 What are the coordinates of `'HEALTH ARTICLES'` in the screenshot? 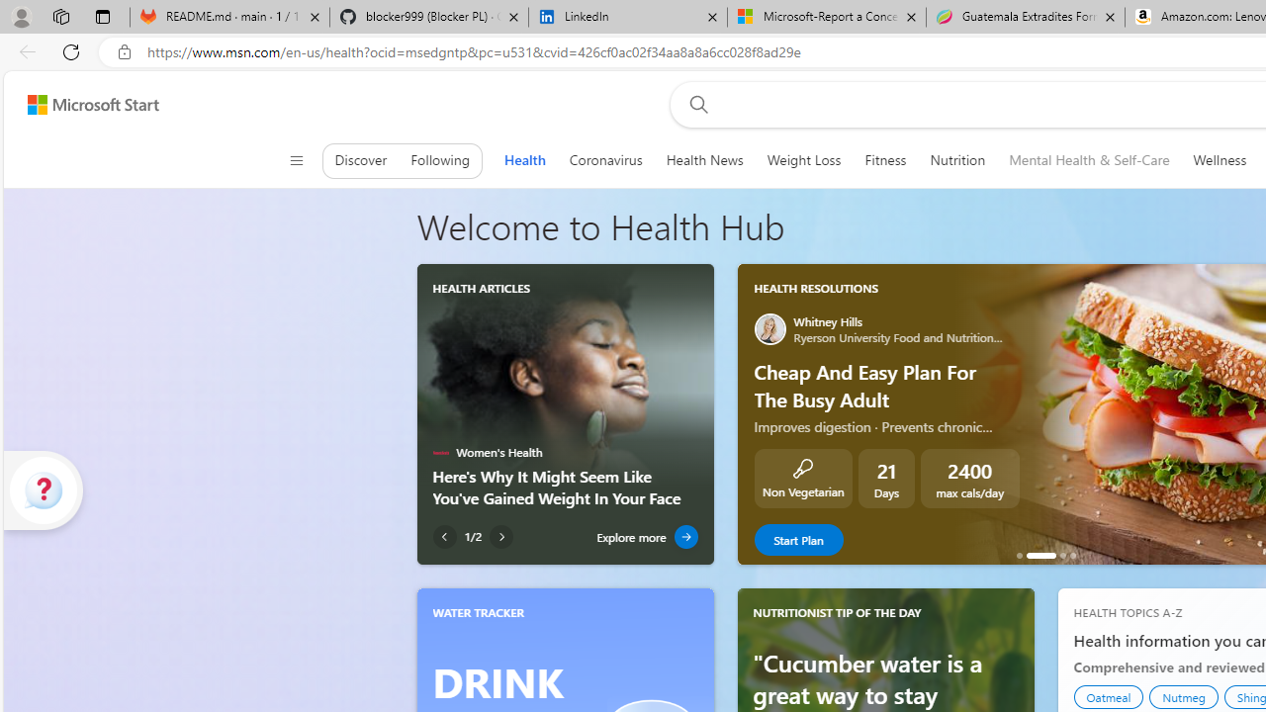 It's located at (482, 288).